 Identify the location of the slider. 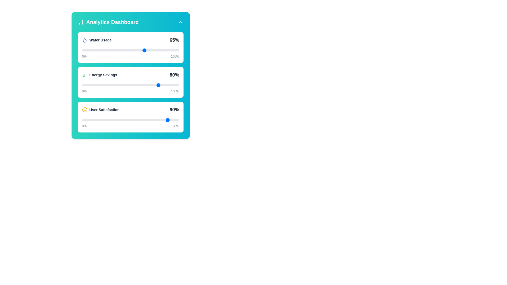
(92, 85).